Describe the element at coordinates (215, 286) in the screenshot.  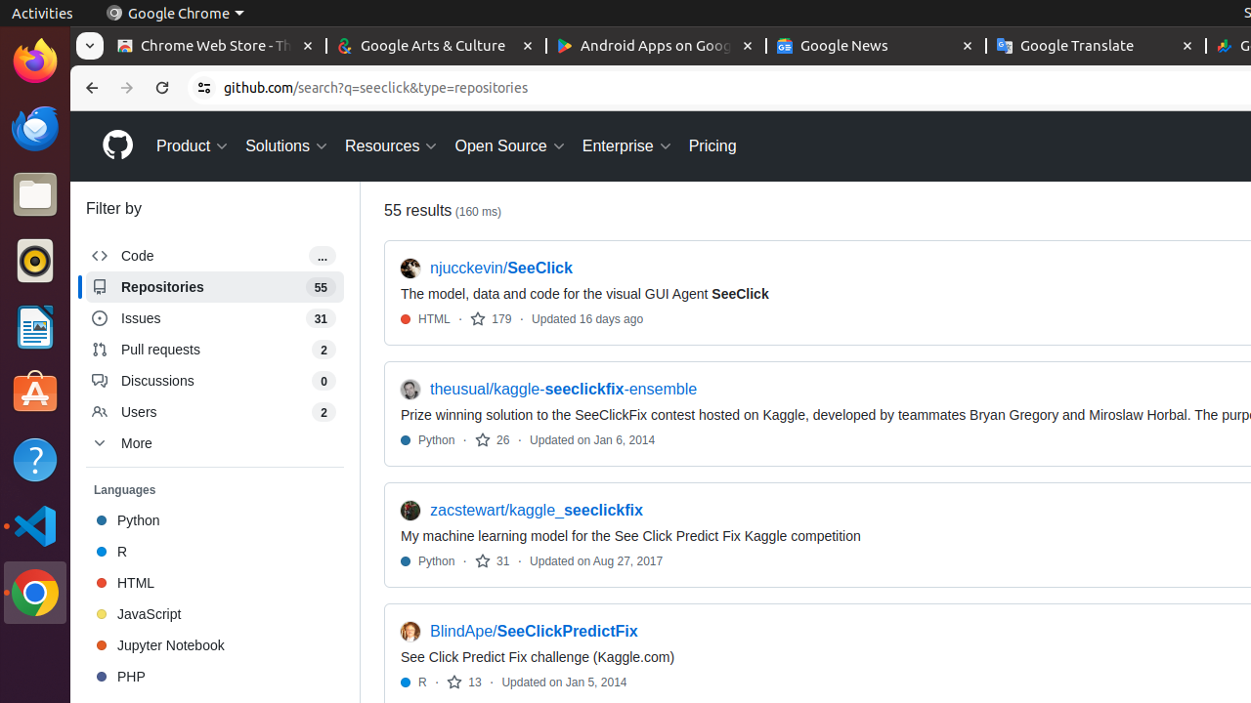
I see `'Repositories , 55 results  (55)'` at that location.